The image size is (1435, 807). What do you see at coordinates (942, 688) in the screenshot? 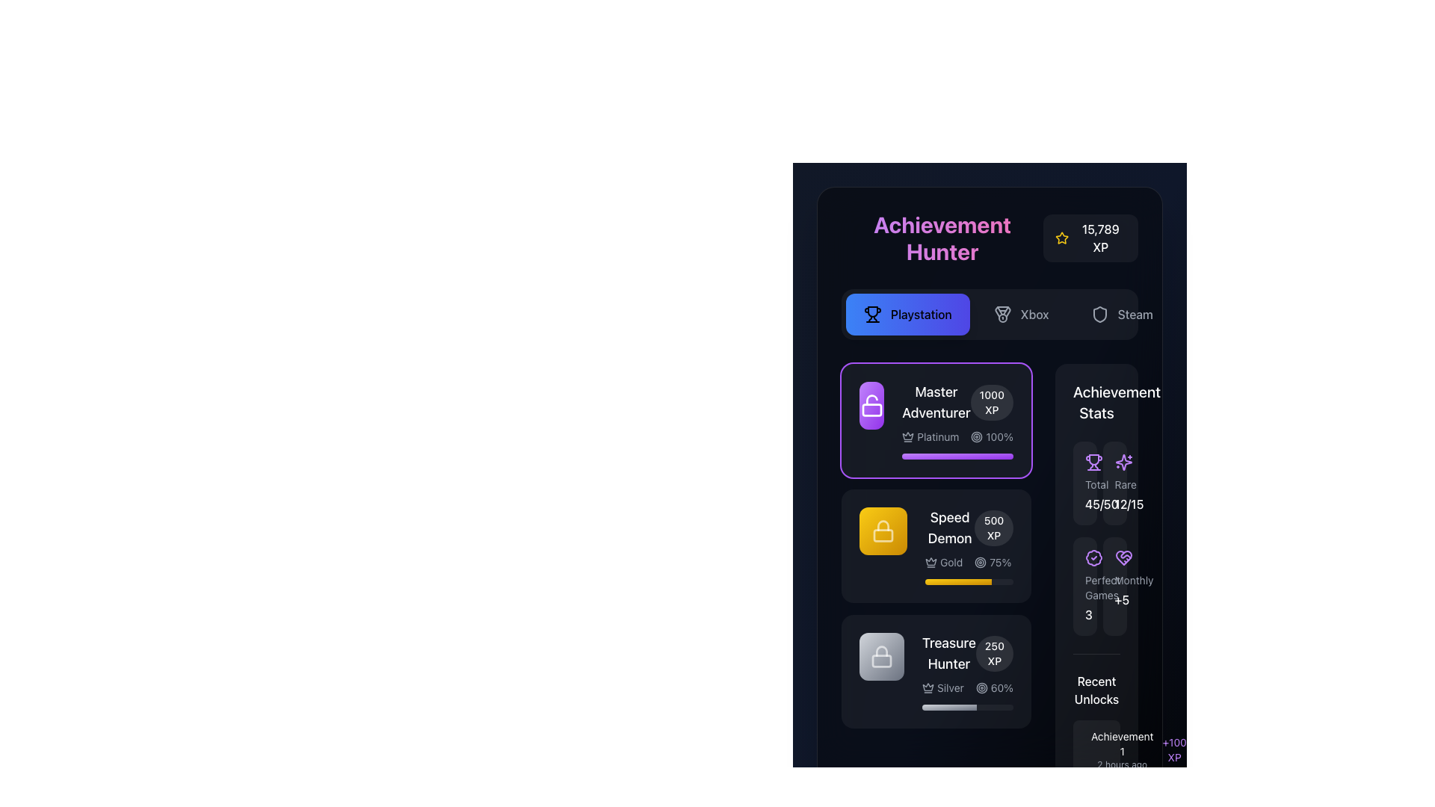
I see `the 'Silver' label in the 'Treasure Hunter' section, which indicates the achievement tier and is located to the right of the crown icon` at bounding box center [942, 688].